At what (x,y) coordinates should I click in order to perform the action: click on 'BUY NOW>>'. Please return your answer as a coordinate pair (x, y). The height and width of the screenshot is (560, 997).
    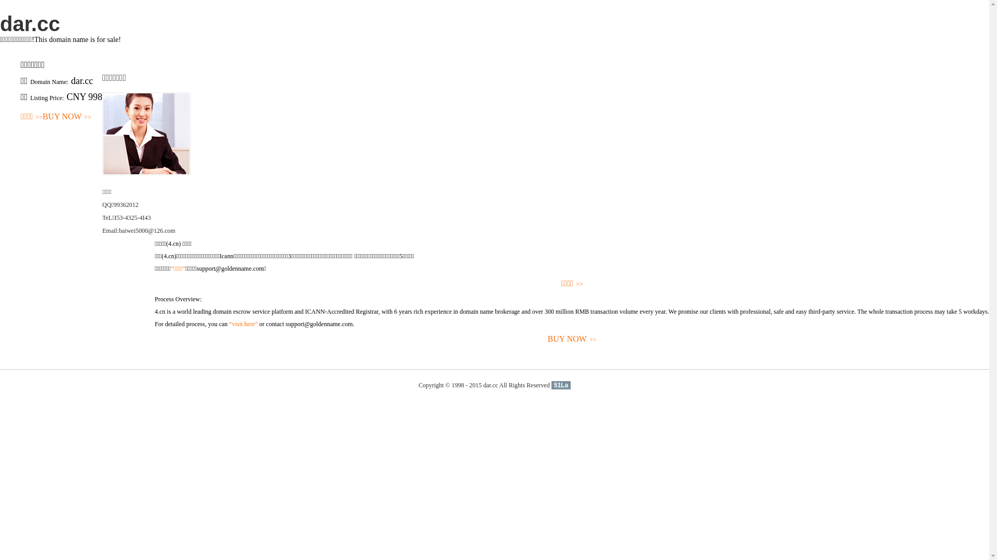
    Looking at the image, I should click on (571, 339).